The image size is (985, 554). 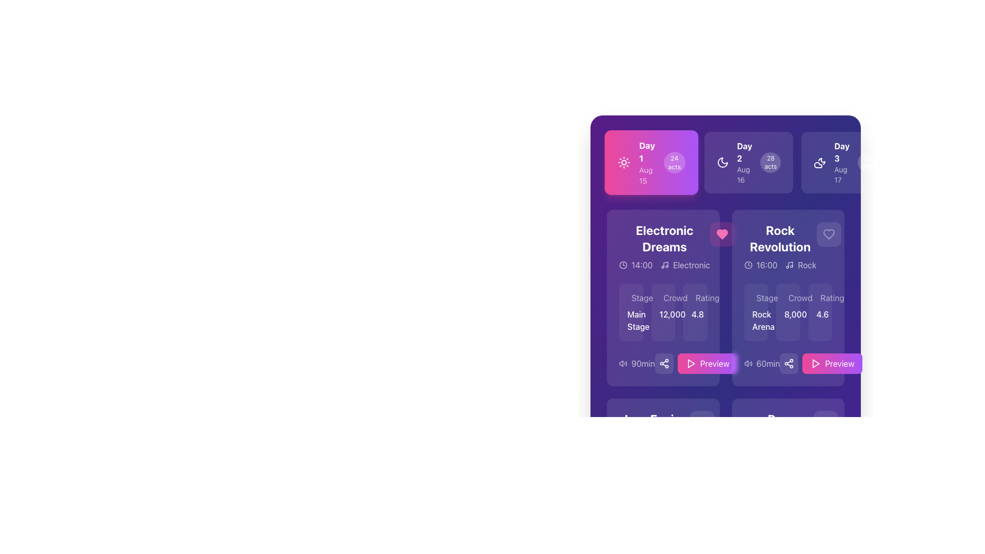 I want to click on the 'Preview' button containing the play icon, so click(x=691, y=363).